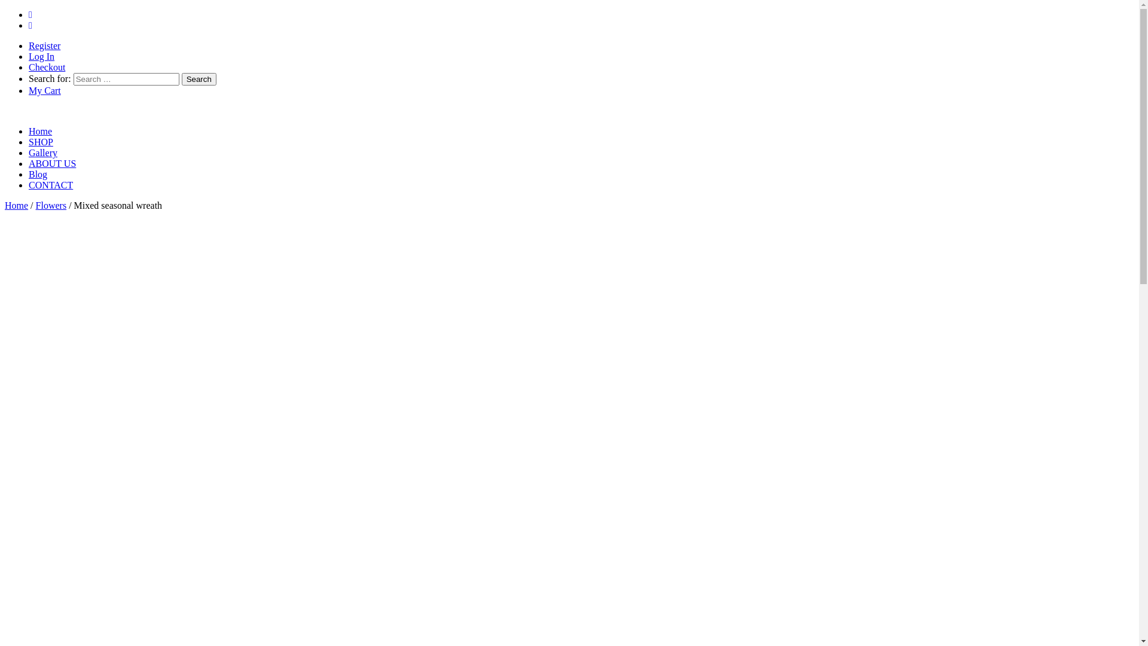 Image resolution: width=1148 pixels, height=646 pixels. What do you see at coordinates (44, 45) in the screenshot?
I see `'Register'` at bounding box center [44, 45].